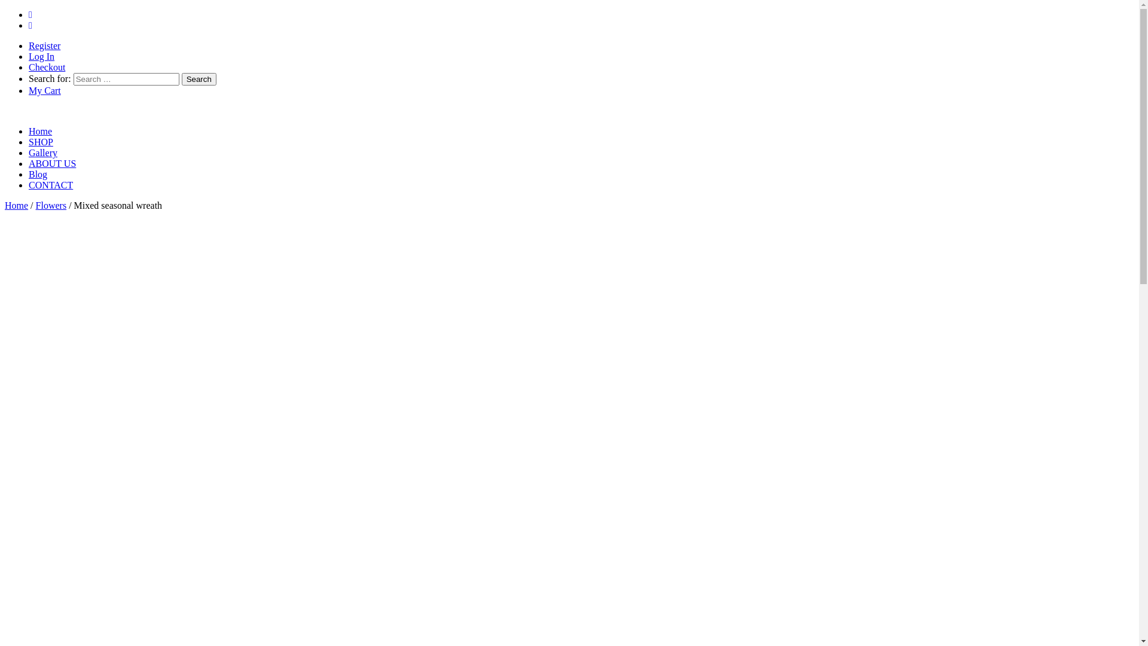 Image resolution: width=1148 pixels, height=646 pixels. What do you see at coordinates (44, 45) in the screenshot?
I see `'Register'` at bounding box center [44, 45].